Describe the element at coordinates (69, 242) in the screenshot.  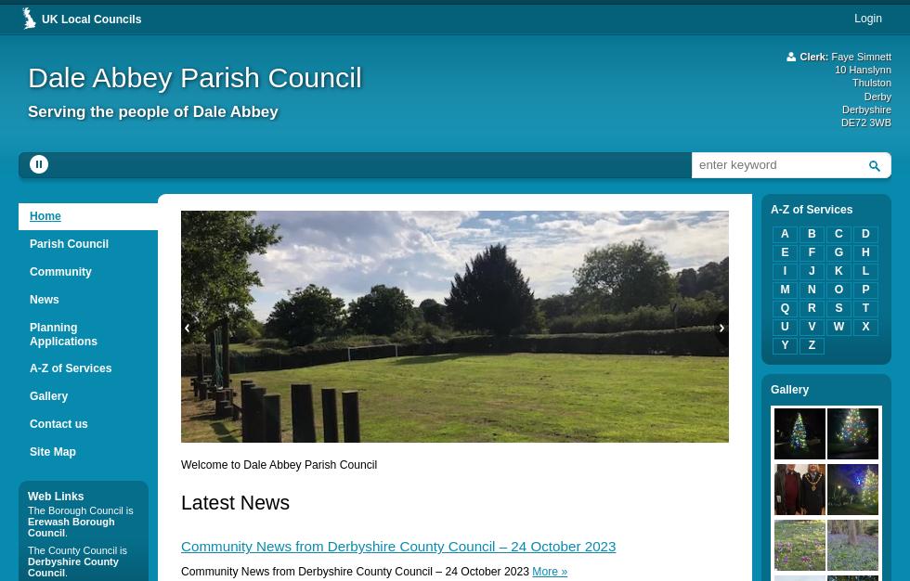
I see `'Parish Council'` at that location.